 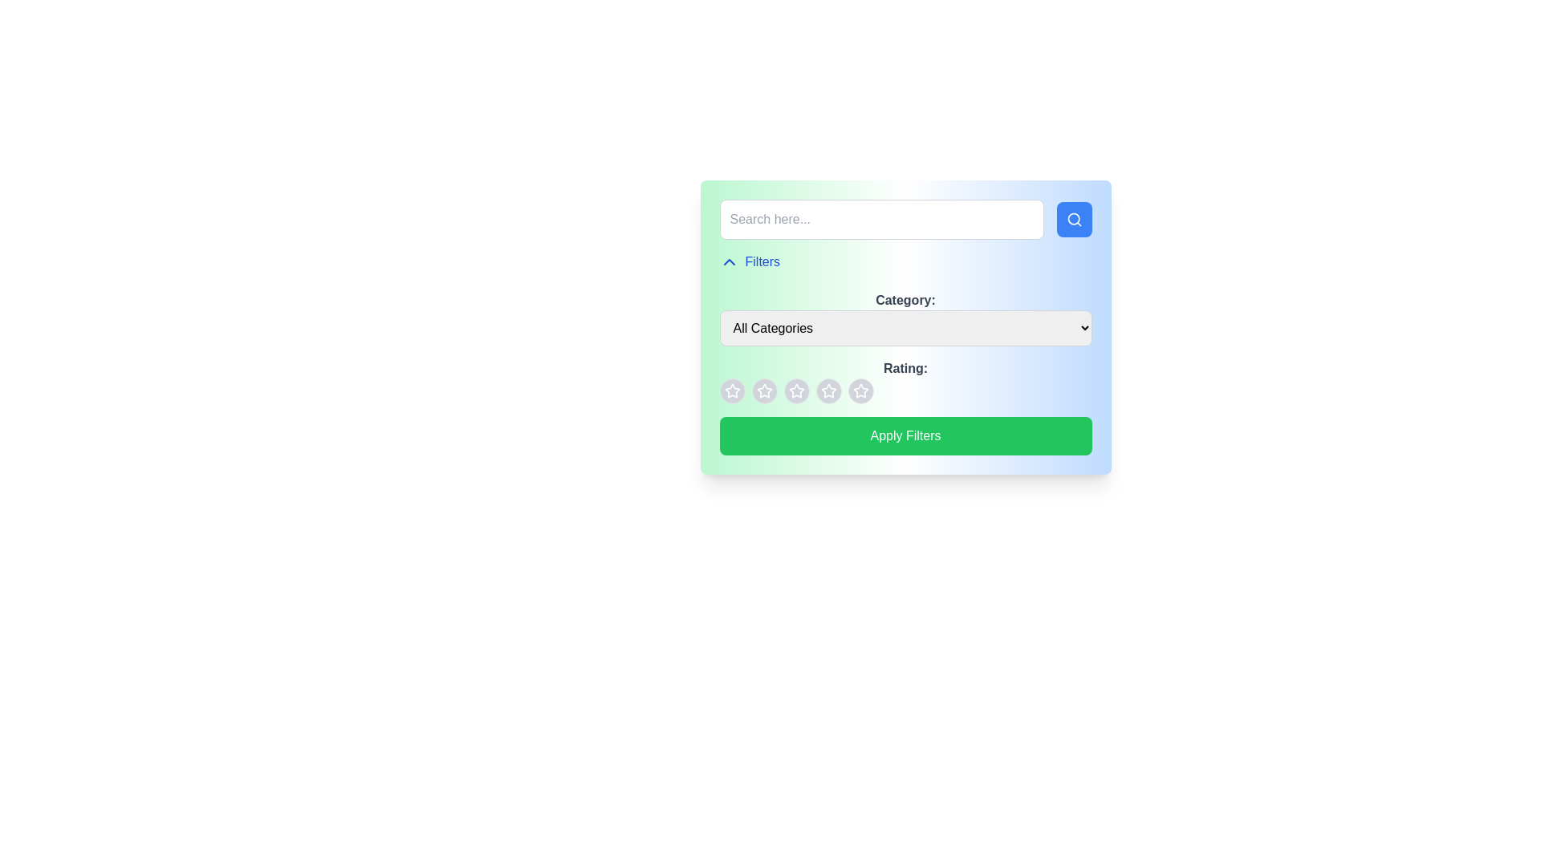 What do you see at coordinates (905, 435) in the screenshot?
I see `the green 'Apply Filters' button with rounded corners to apply the filters` at bounding box center [905, 435].